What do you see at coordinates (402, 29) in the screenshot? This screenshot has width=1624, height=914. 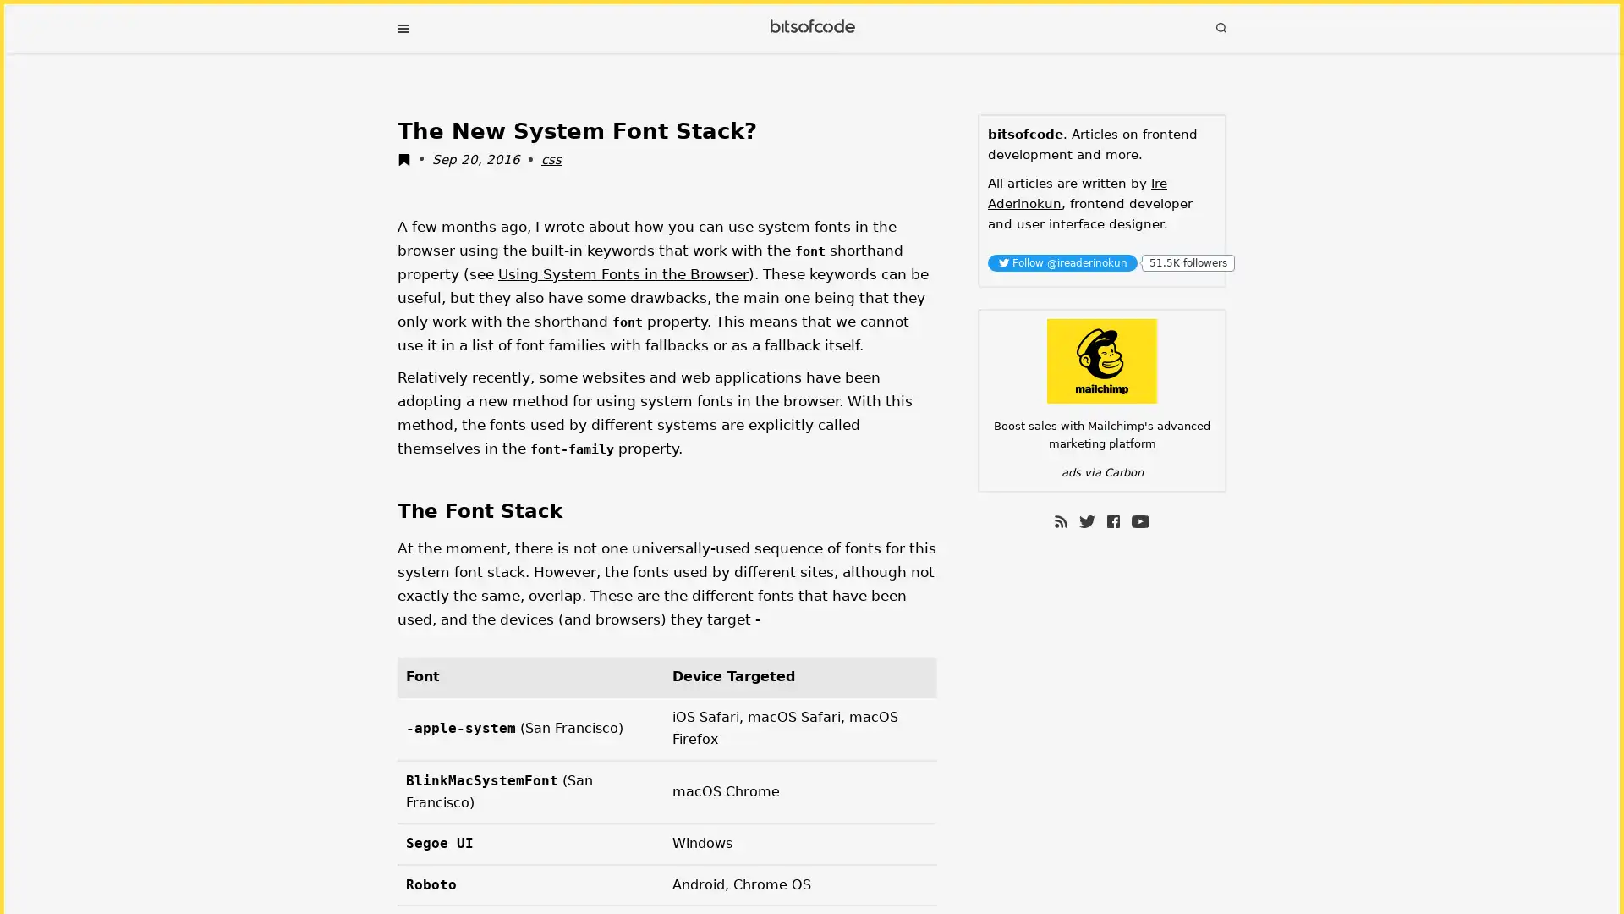 I see `Open Site Navigation` at bounding box center [402, 29].